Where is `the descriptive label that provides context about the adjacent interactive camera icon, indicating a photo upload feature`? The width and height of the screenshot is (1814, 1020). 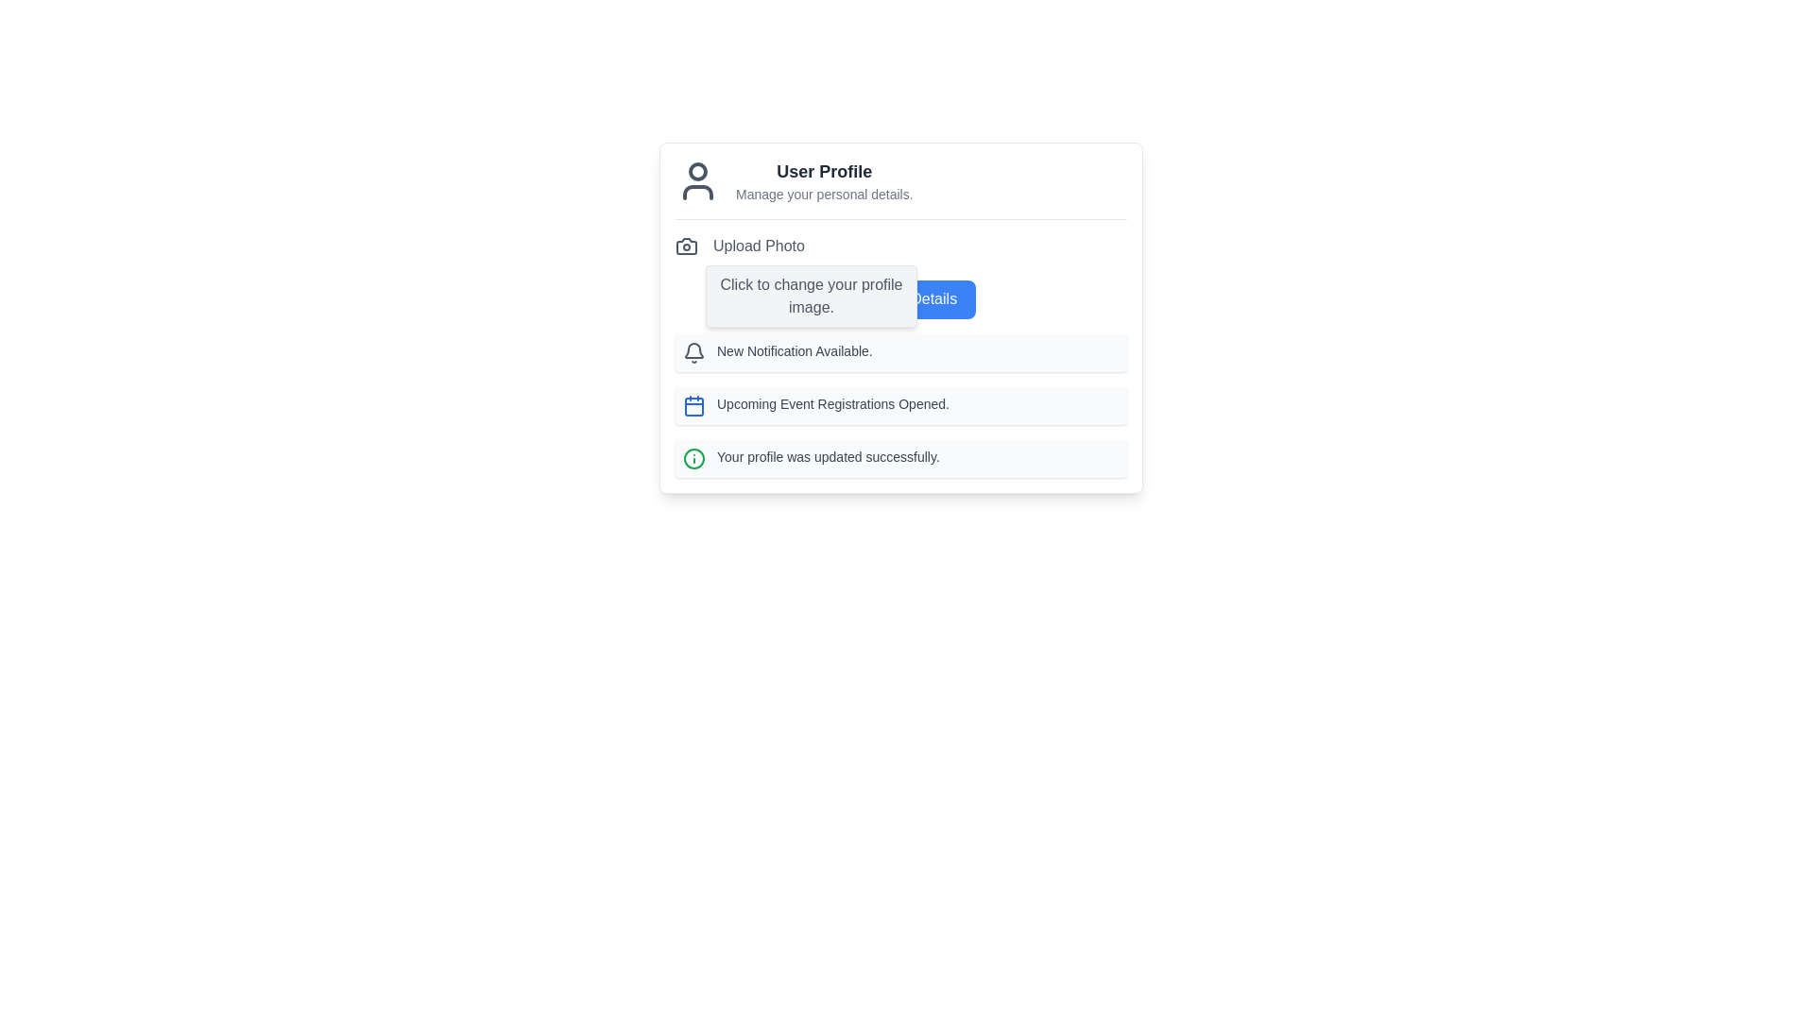
the descriptive label that provides context about the adjacent interactive camera icon, indicating a photo upload feature is located at coordinates (759, 246).